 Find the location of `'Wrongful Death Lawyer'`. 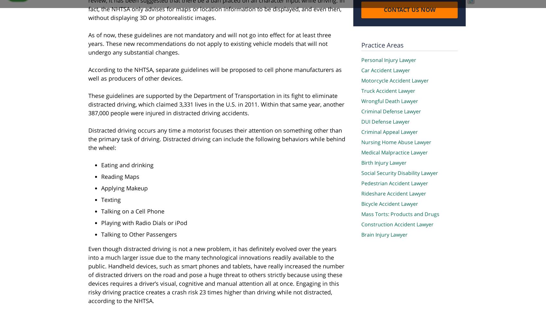

'Wrongful Death Lawyer' is located at coordinates (361, 100).